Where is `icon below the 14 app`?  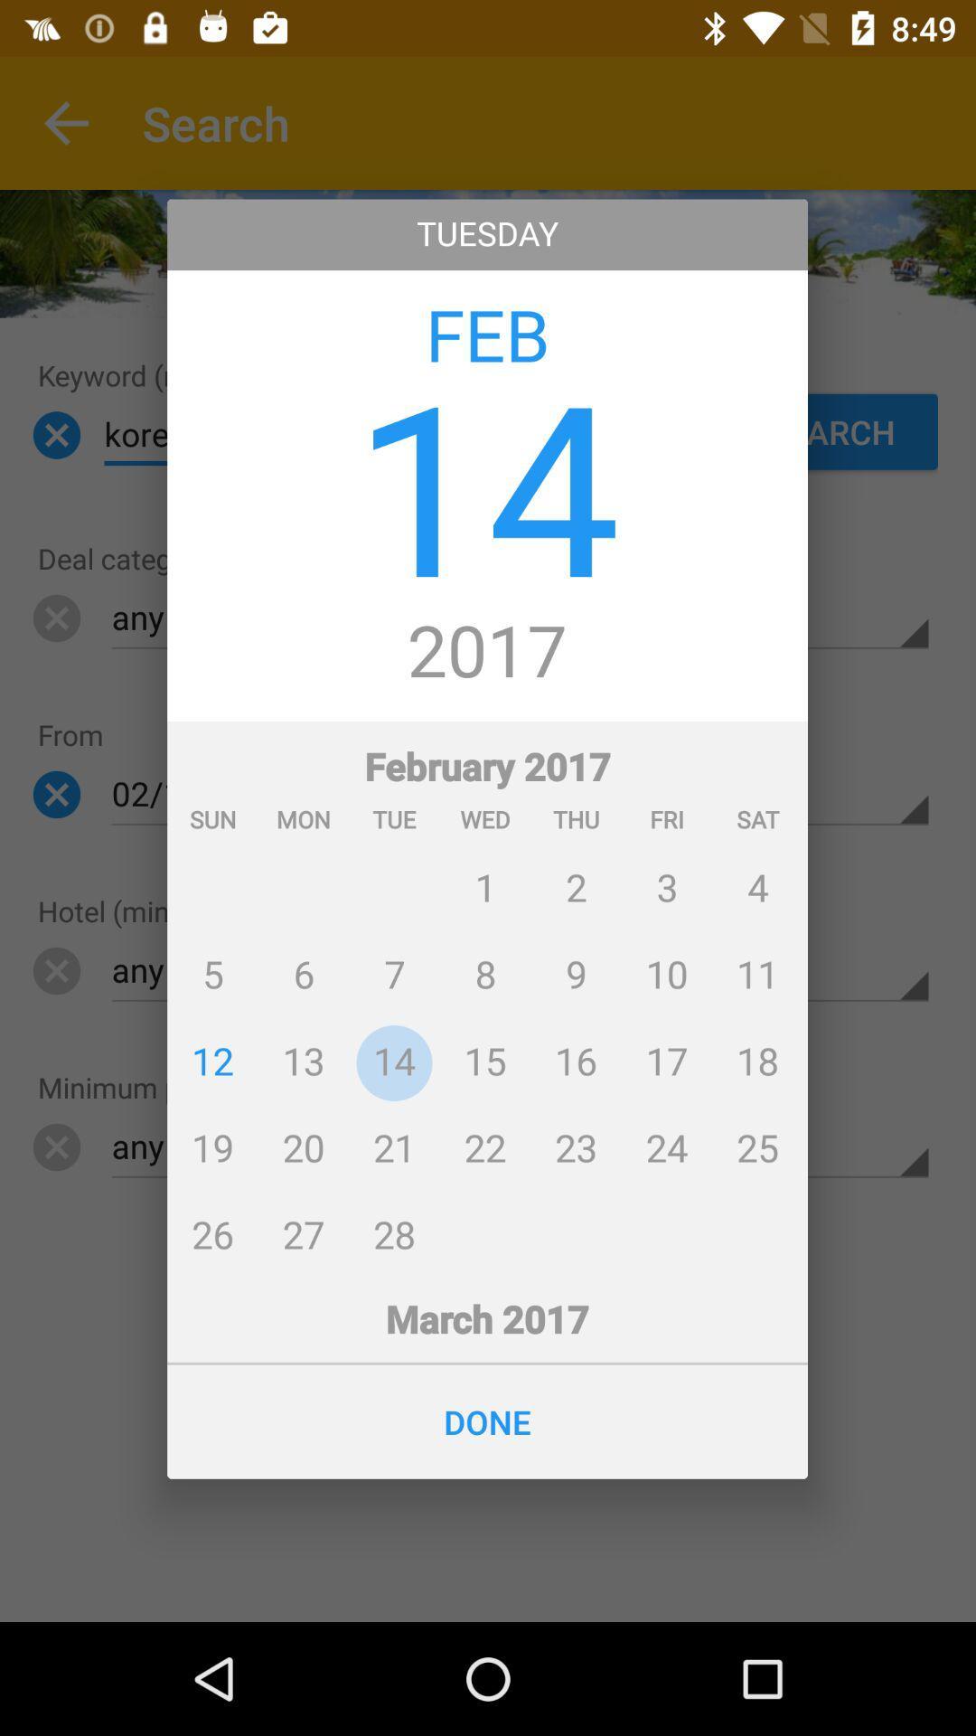
icon below the 14 app is located at coordinates (486, 652).